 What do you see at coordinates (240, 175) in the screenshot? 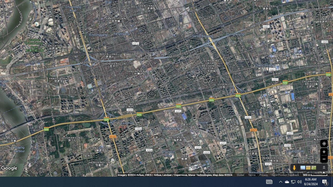
I see `'Global'` at bounding box center [240, 175].